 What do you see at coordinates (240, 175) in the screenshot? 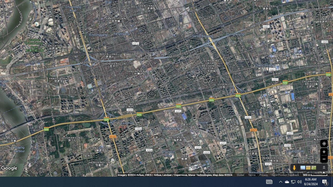
I see `'Global'` at bounding box center [240, 175].